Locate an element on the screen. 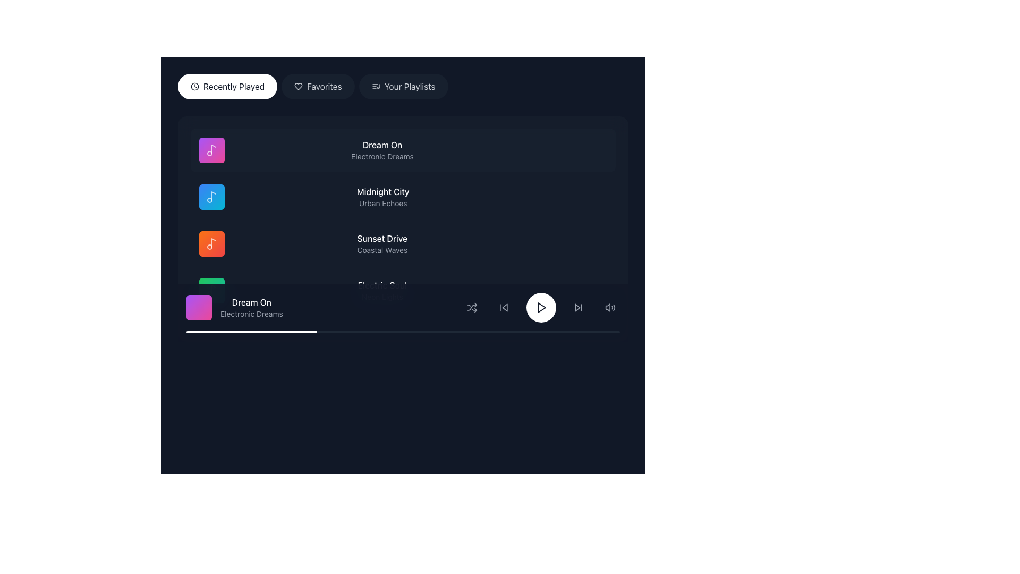 Image resolution: width=1020 pixels, height=574 pixels. the fourth interactive music track item located at the bottom of the vertical list to view context menu options is located at coordinates (402, 291).